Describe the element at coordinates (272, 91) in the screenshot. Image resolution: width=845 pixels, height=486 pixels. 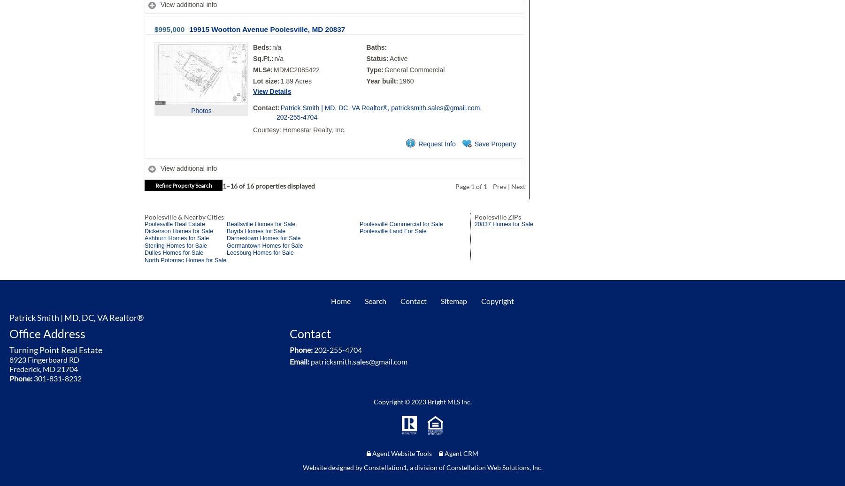
I see `'View Details'` at that location.